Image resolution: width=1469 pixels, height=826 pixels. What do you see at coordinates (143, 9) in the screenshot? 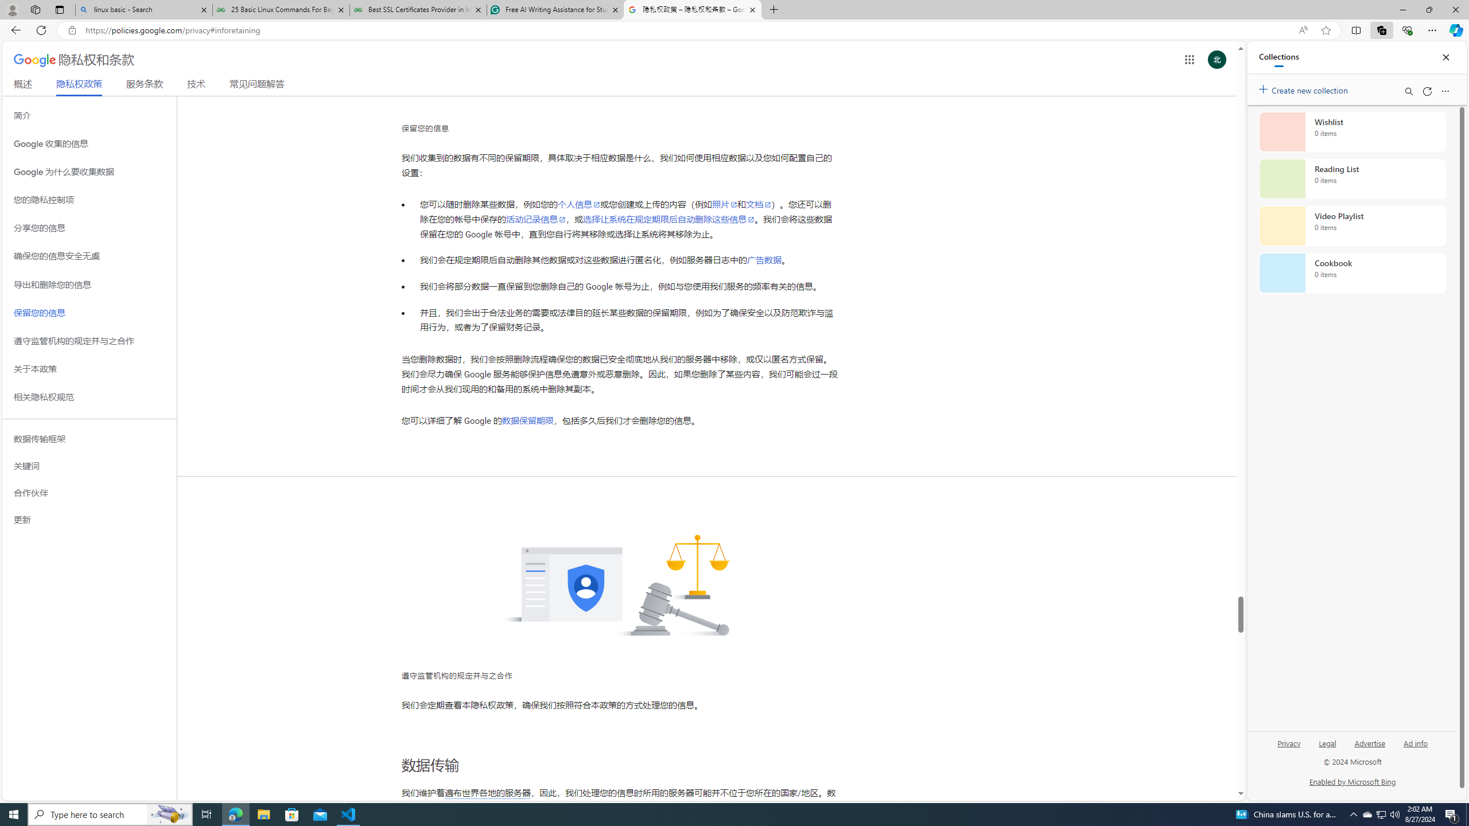
I see `'linux basic - Search'` at bounding box center [143, 9].